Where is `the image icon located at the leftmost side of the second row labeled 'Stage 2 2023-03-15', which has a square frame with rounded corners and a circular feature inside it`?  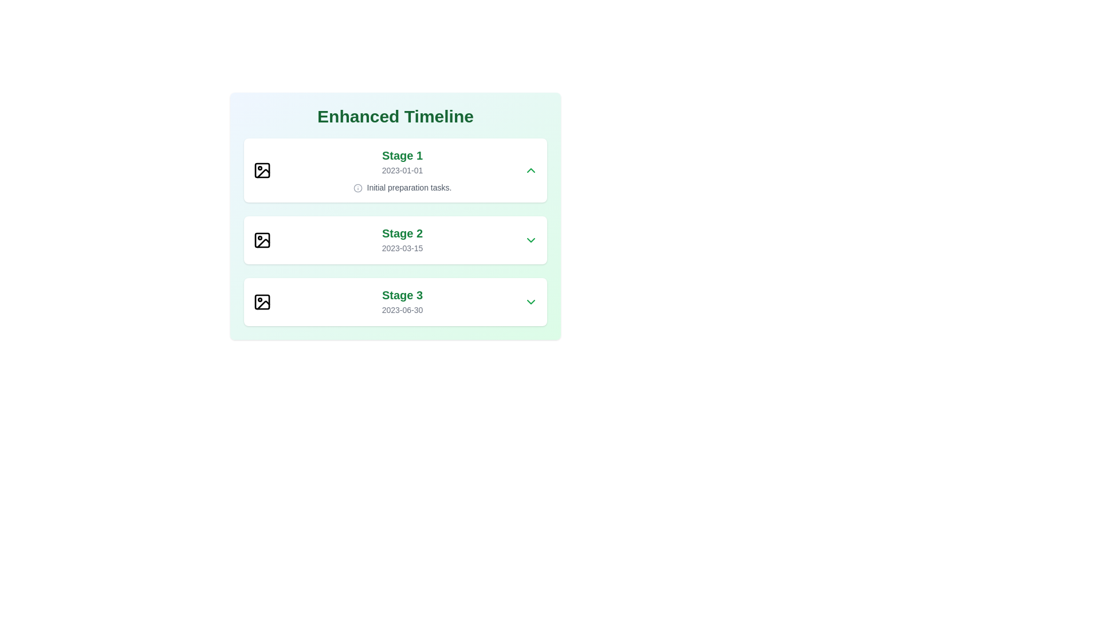 the image icon located at the leftmost side of the second row labeled 'Stage 2 2023-03-15', which has a square frame with rounded corners and a circular feature inside it is located at coordinates (261, 240).